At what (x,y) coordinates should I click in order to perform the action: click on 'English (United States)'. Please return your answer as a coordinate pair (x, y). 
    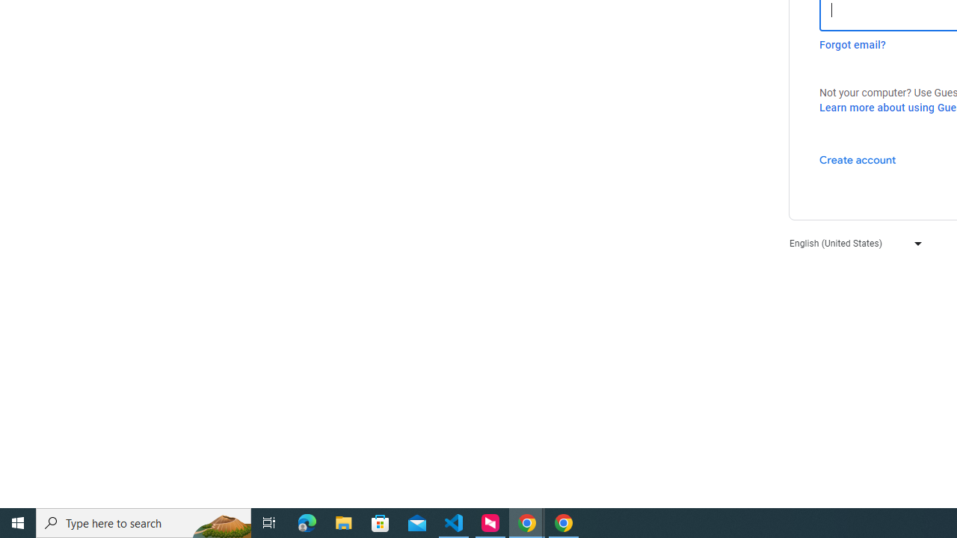
    Looking at the image, I should click on (852, 242).